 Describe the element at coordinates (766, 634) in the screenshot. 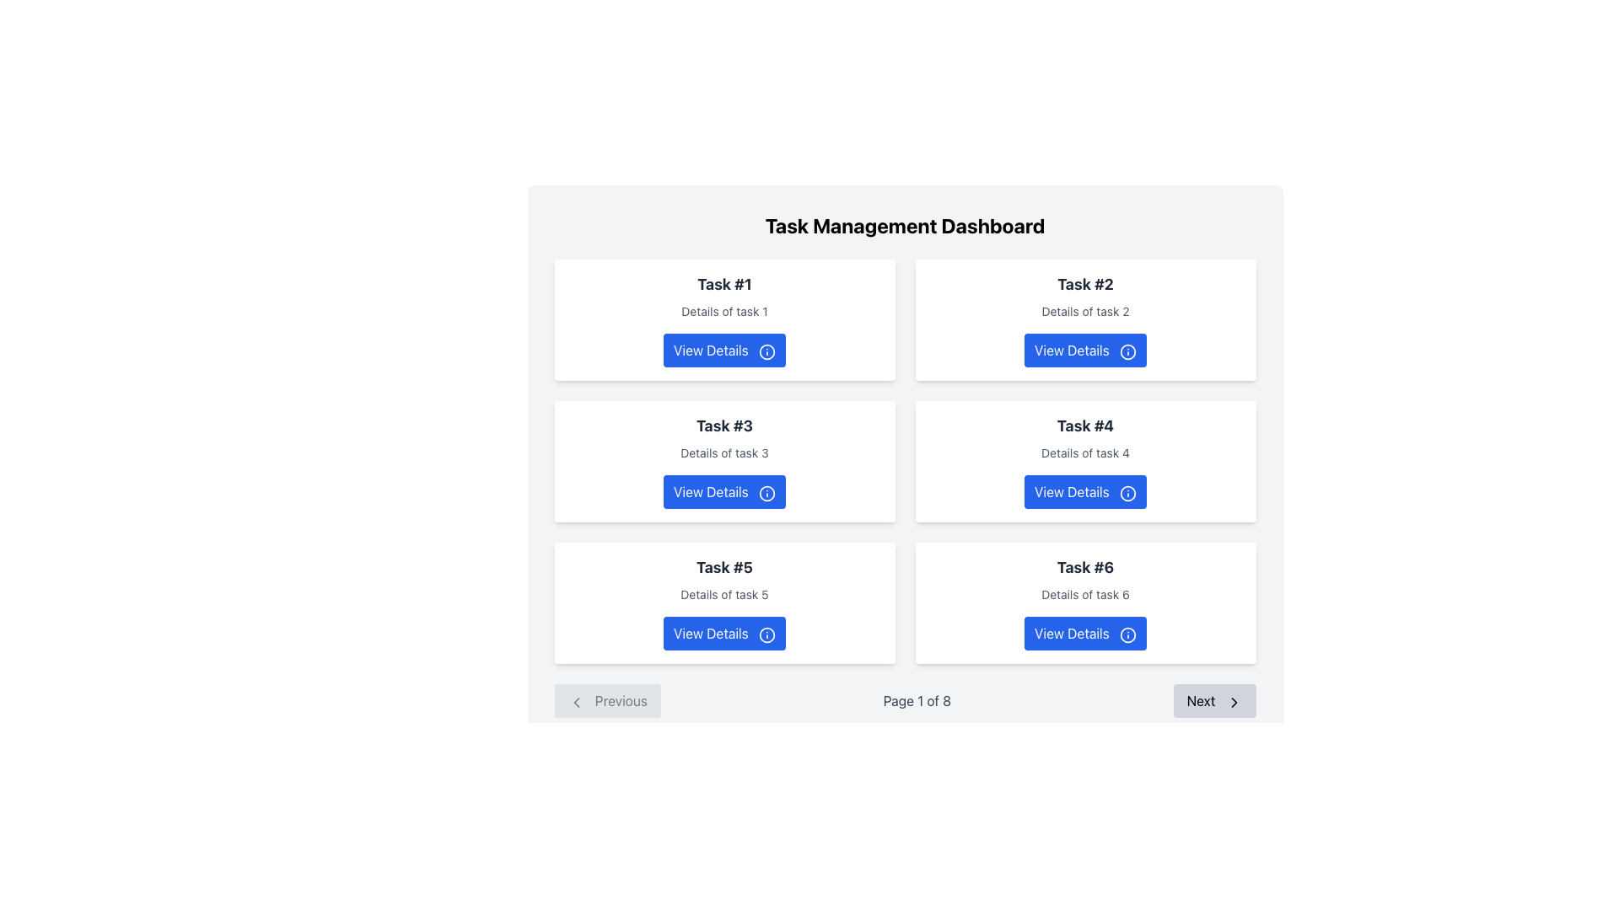

I see `the Decorative Icon located within the 'View Details' button in the bottom-left card labeled 'Task #5', which visually indicates additional details or information` at that location.